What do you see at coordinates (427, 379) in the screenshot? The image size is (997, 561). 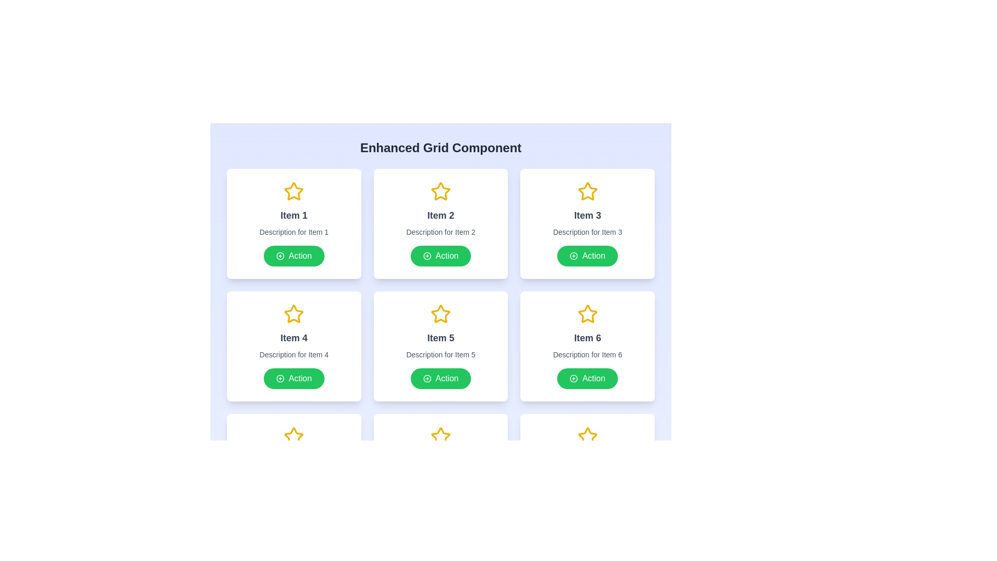 I see `the outermost circular graphic of the SVG icon associated with the 'Action' button for Item 5` at bounding box center [427, 379].